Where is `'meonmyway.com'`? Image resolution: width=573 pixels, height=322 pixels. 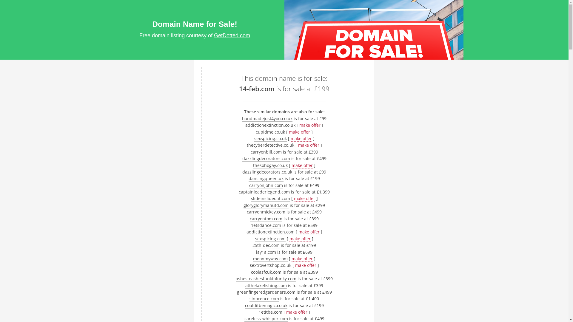
'meonmyway.com' is located at coordinates (253, 258).